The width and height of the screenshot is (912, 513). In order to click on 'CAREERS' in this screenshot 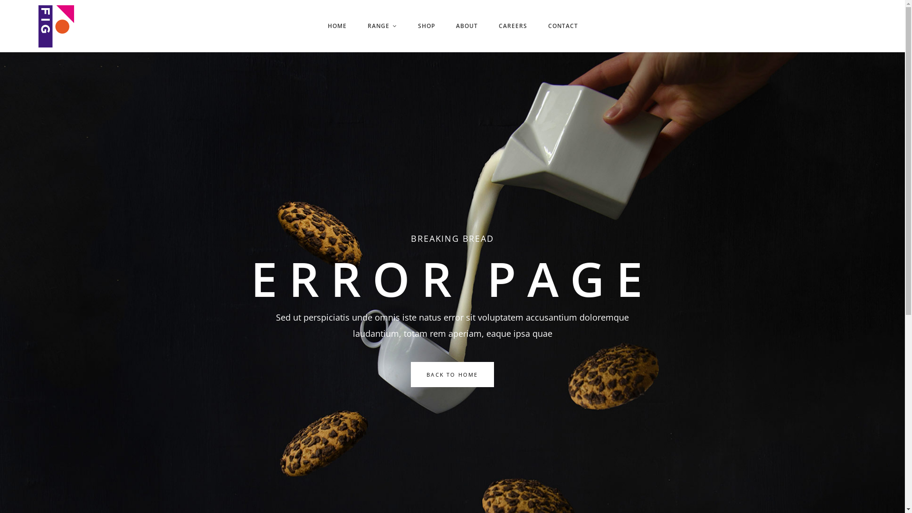, I will do `click(488, 25)`.